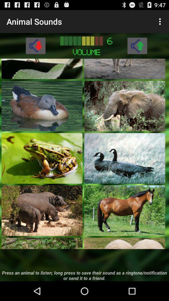 Image resolution: width=169 pixels, height=301 pixels. Describe the element at coordinates (42, 106) in the screenshot. I see `duck sound` at that location.